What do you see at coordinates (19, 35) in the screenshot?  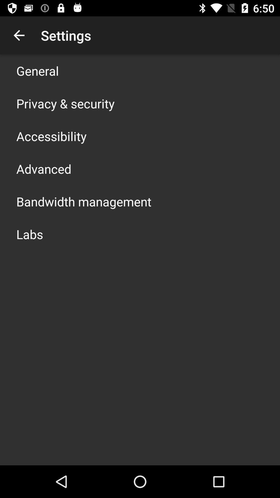 I see `item to the left of settings icon` at bounding box center [19, 35].